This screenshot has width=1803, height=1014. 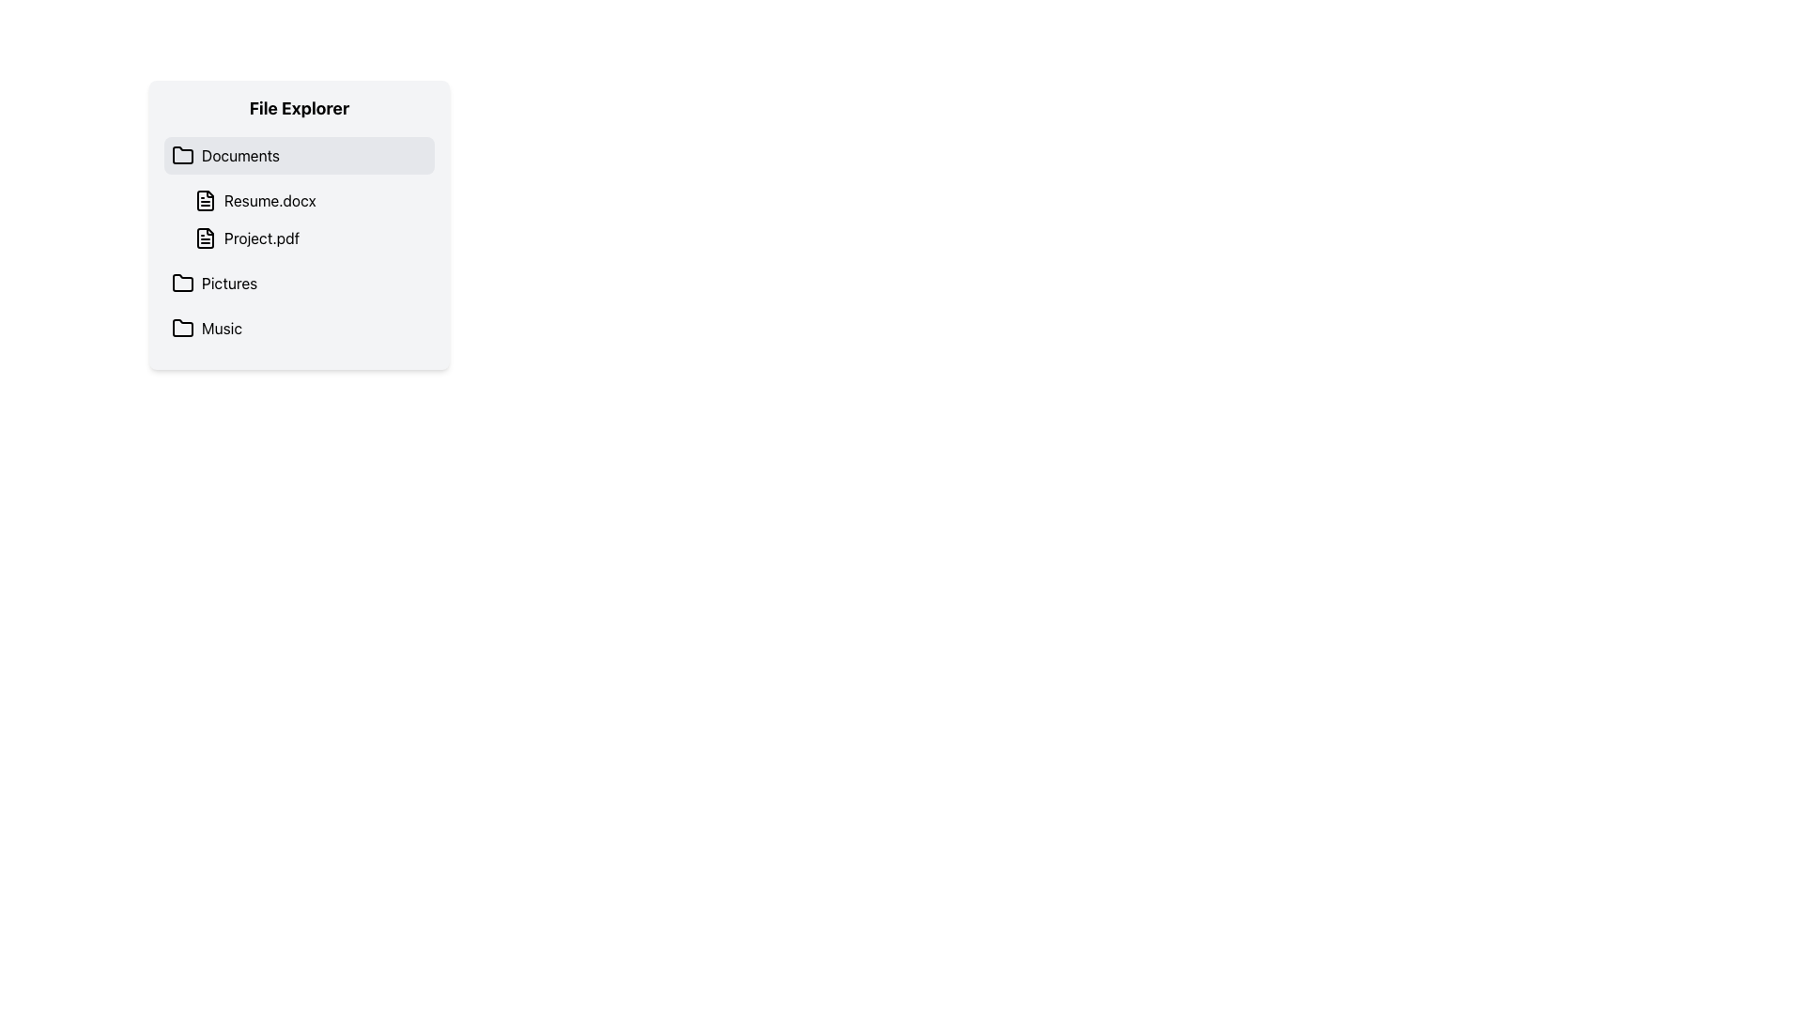 I want to click on the document-type file icon representing 'Project.pdf' in the file explorer interface, so click(x=206, y=238).